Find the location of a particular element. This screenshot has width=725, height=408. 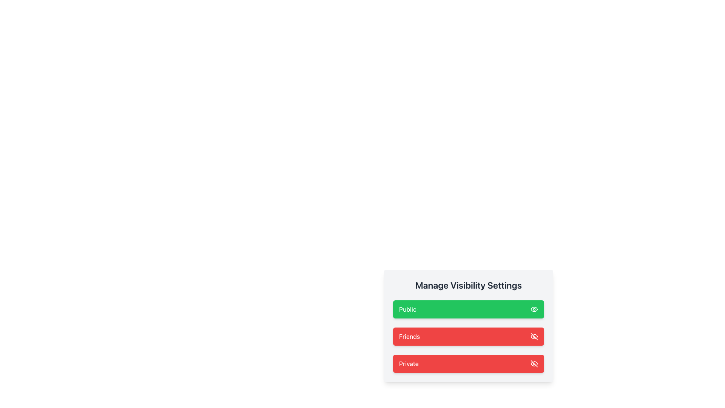

the eye-shaped icon located to the far right of the green button labeled 'Public' is located at coordinates (534, 309).